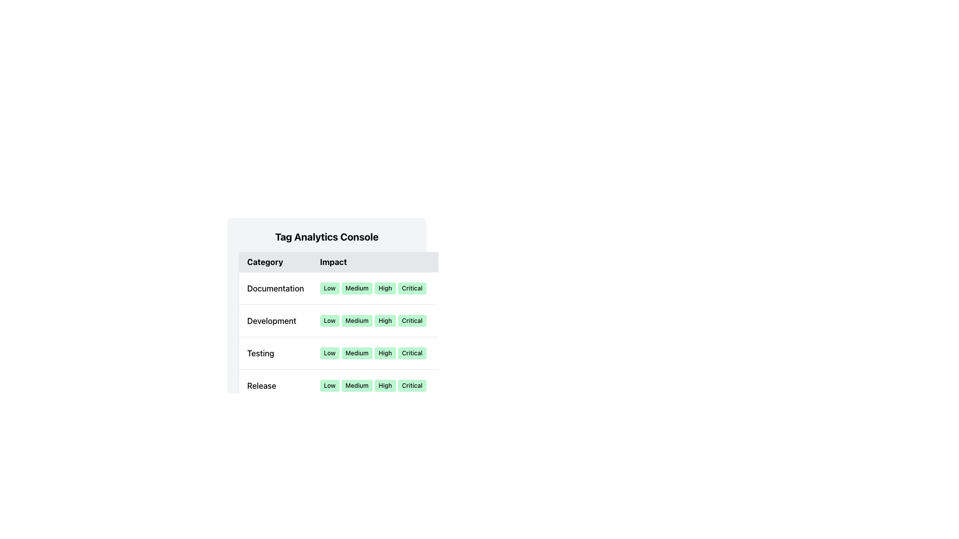 This screenshot has width=959, height=539. I want to click on the 'High' impact button in the 'Testing' category, located in the third column of the 'Impact' row, between 'Medium' and 'Critical', so click(385, 353).